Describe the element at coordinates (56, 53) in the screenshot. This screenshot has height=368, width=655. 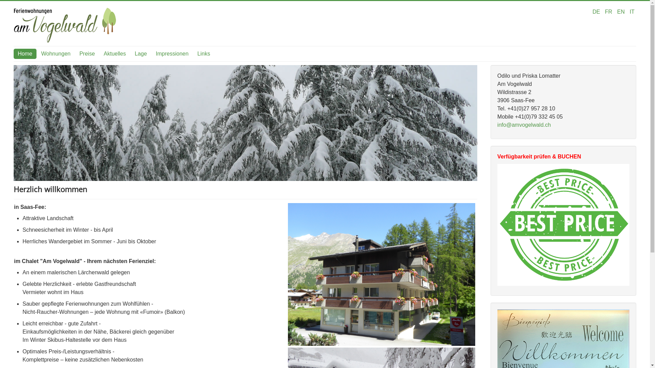
I see `'Wohnungen'` at that location.